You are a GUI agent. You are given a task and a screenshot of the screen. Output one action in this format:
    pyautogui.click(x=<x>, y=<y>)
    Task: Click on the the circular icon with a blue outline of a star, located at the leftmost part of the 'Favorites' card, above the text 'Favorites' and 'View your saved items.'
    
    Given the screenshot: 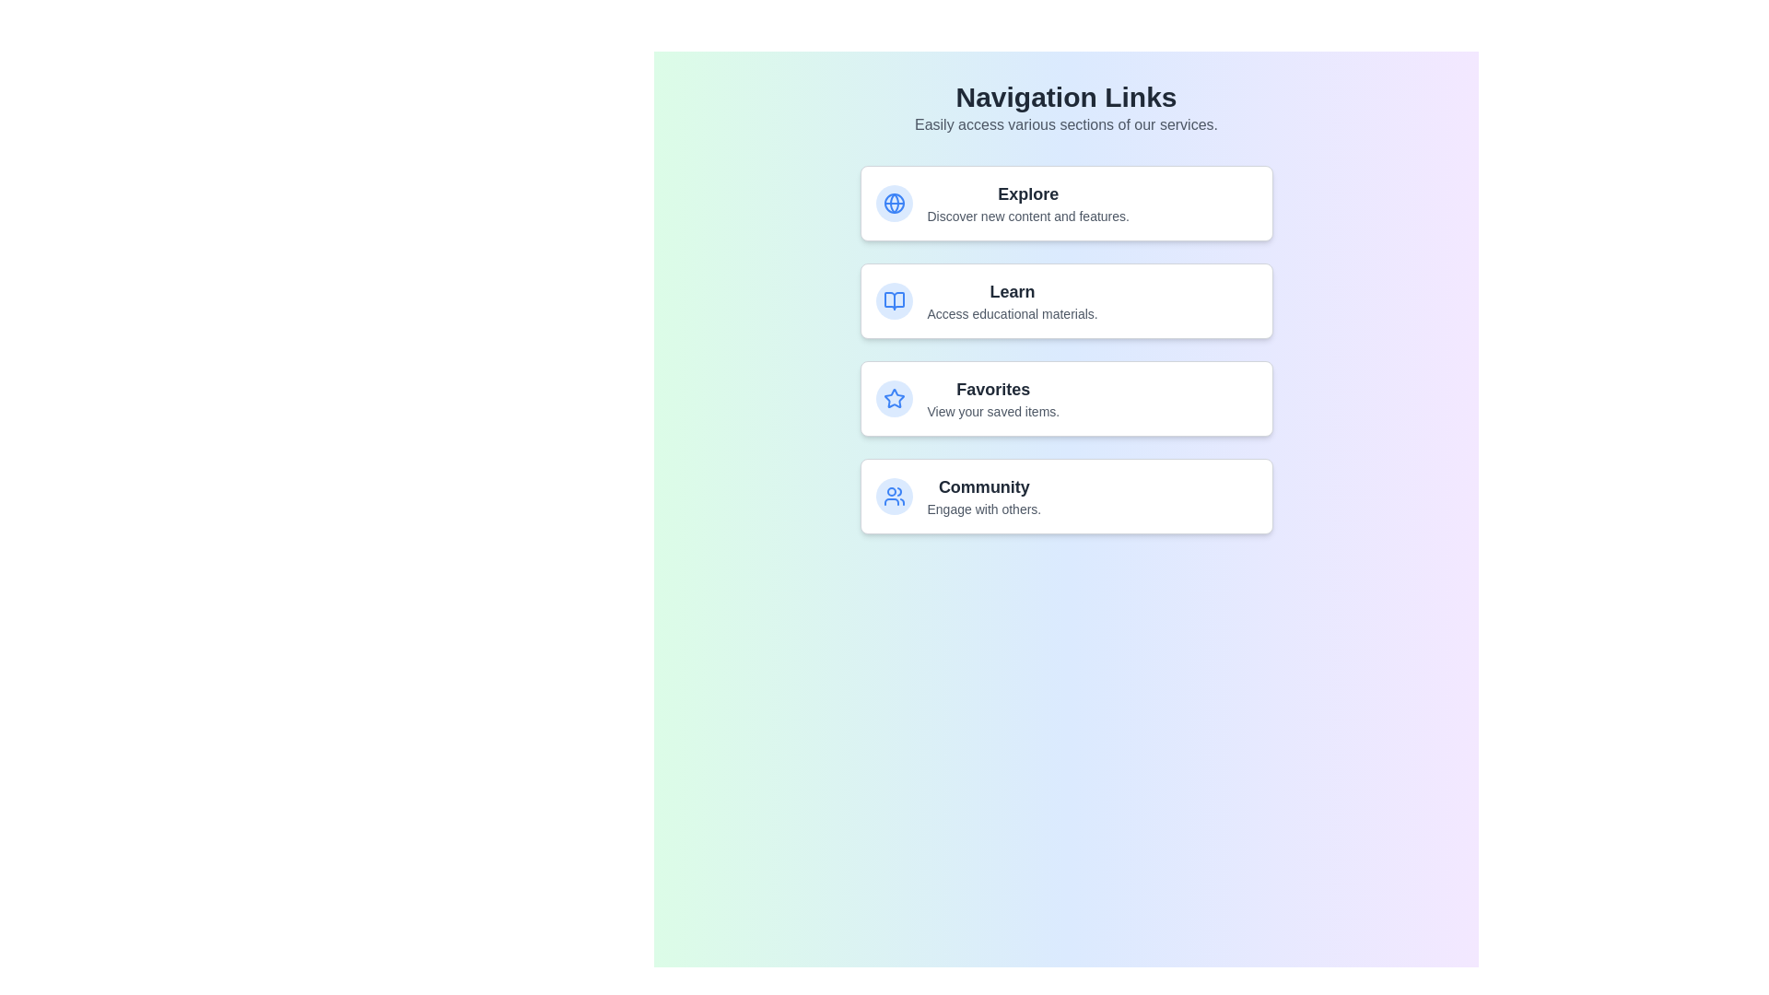 What is the action you would take?
    pyautogui.click(x=894, y=397)
    